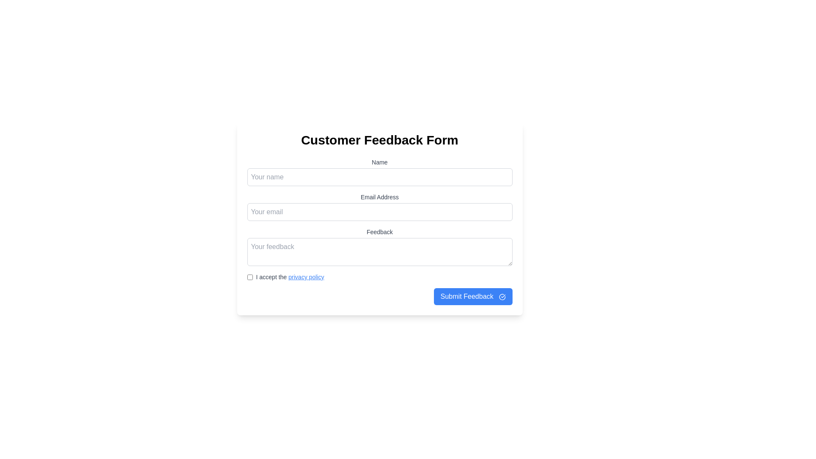 Image resolution: width=816 pixels, height=459 pixels. I want to click on the checkbox component styled with a squared border, so click(249, 277).